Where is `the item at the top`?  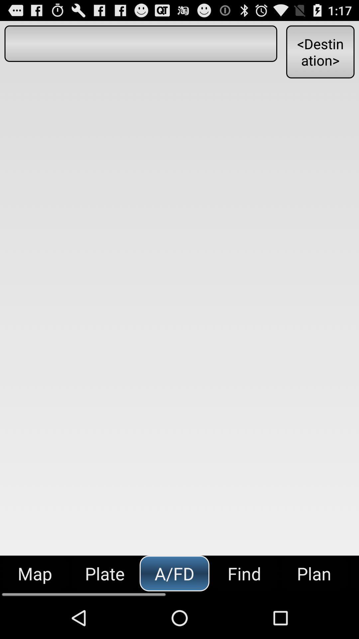 the item at the top is located at coordinates (140, 43).